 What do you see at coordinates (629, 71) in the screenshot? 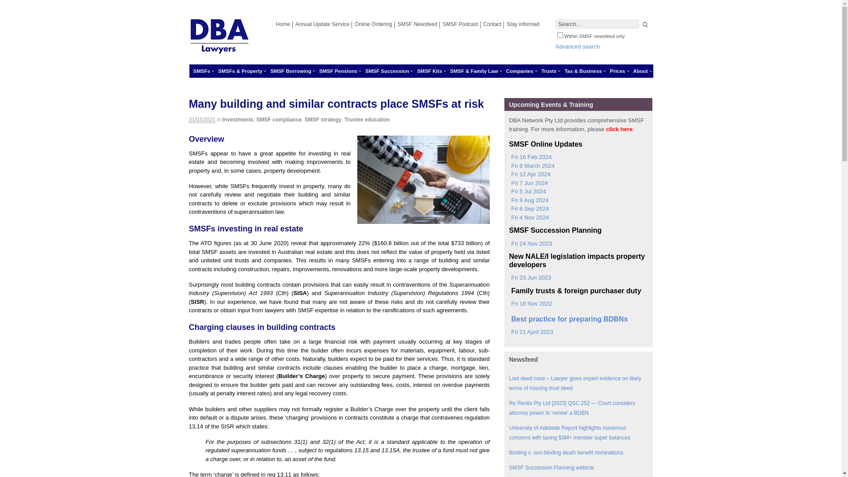
I see `'About'` at bounding box center [629, 71].